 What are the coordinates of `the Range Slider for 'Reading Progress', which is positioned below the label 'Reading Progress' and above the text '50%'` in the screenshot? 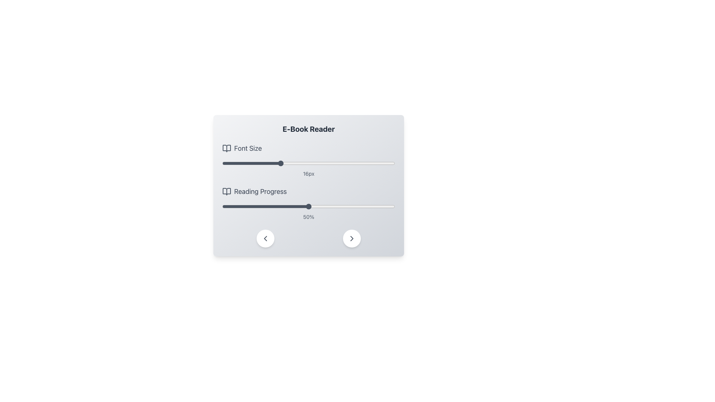 It's located at (309, 207).